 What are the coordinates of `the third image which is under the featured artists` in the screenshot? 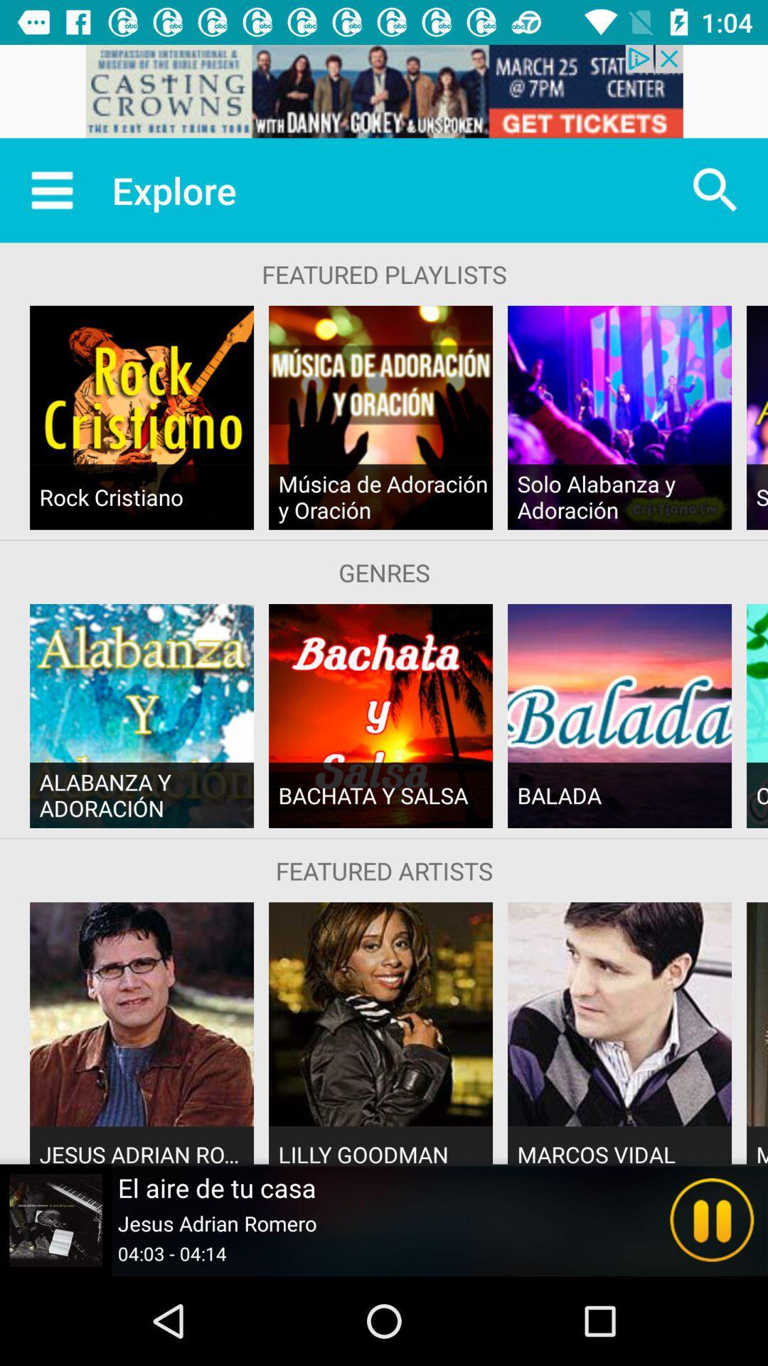 It's located at (619, 1013).